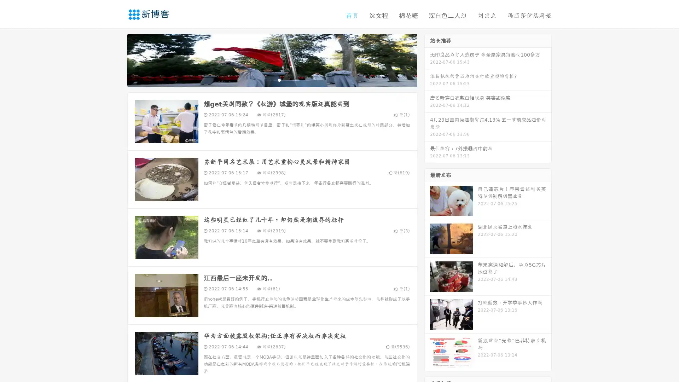 This screenshot has width=679, height=382. I want to click on Go to slide 3, so click(279, 80).